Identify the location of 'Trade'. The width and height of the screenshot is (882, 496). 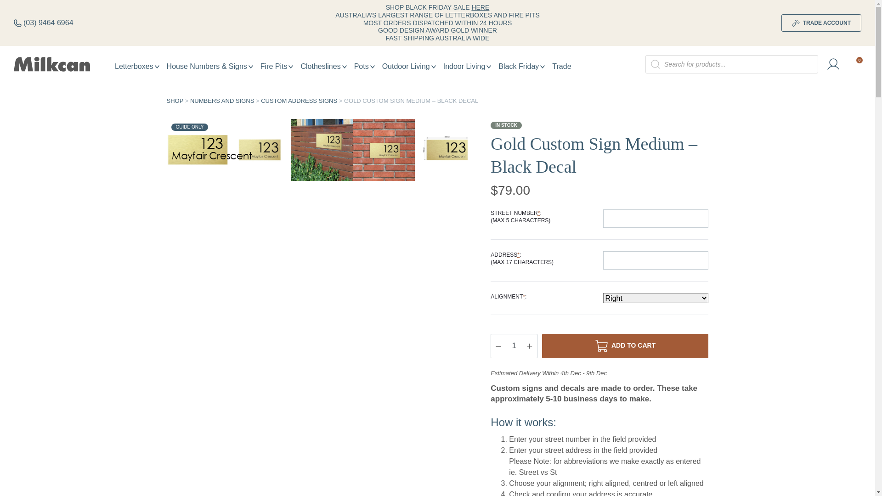
(561, 66).